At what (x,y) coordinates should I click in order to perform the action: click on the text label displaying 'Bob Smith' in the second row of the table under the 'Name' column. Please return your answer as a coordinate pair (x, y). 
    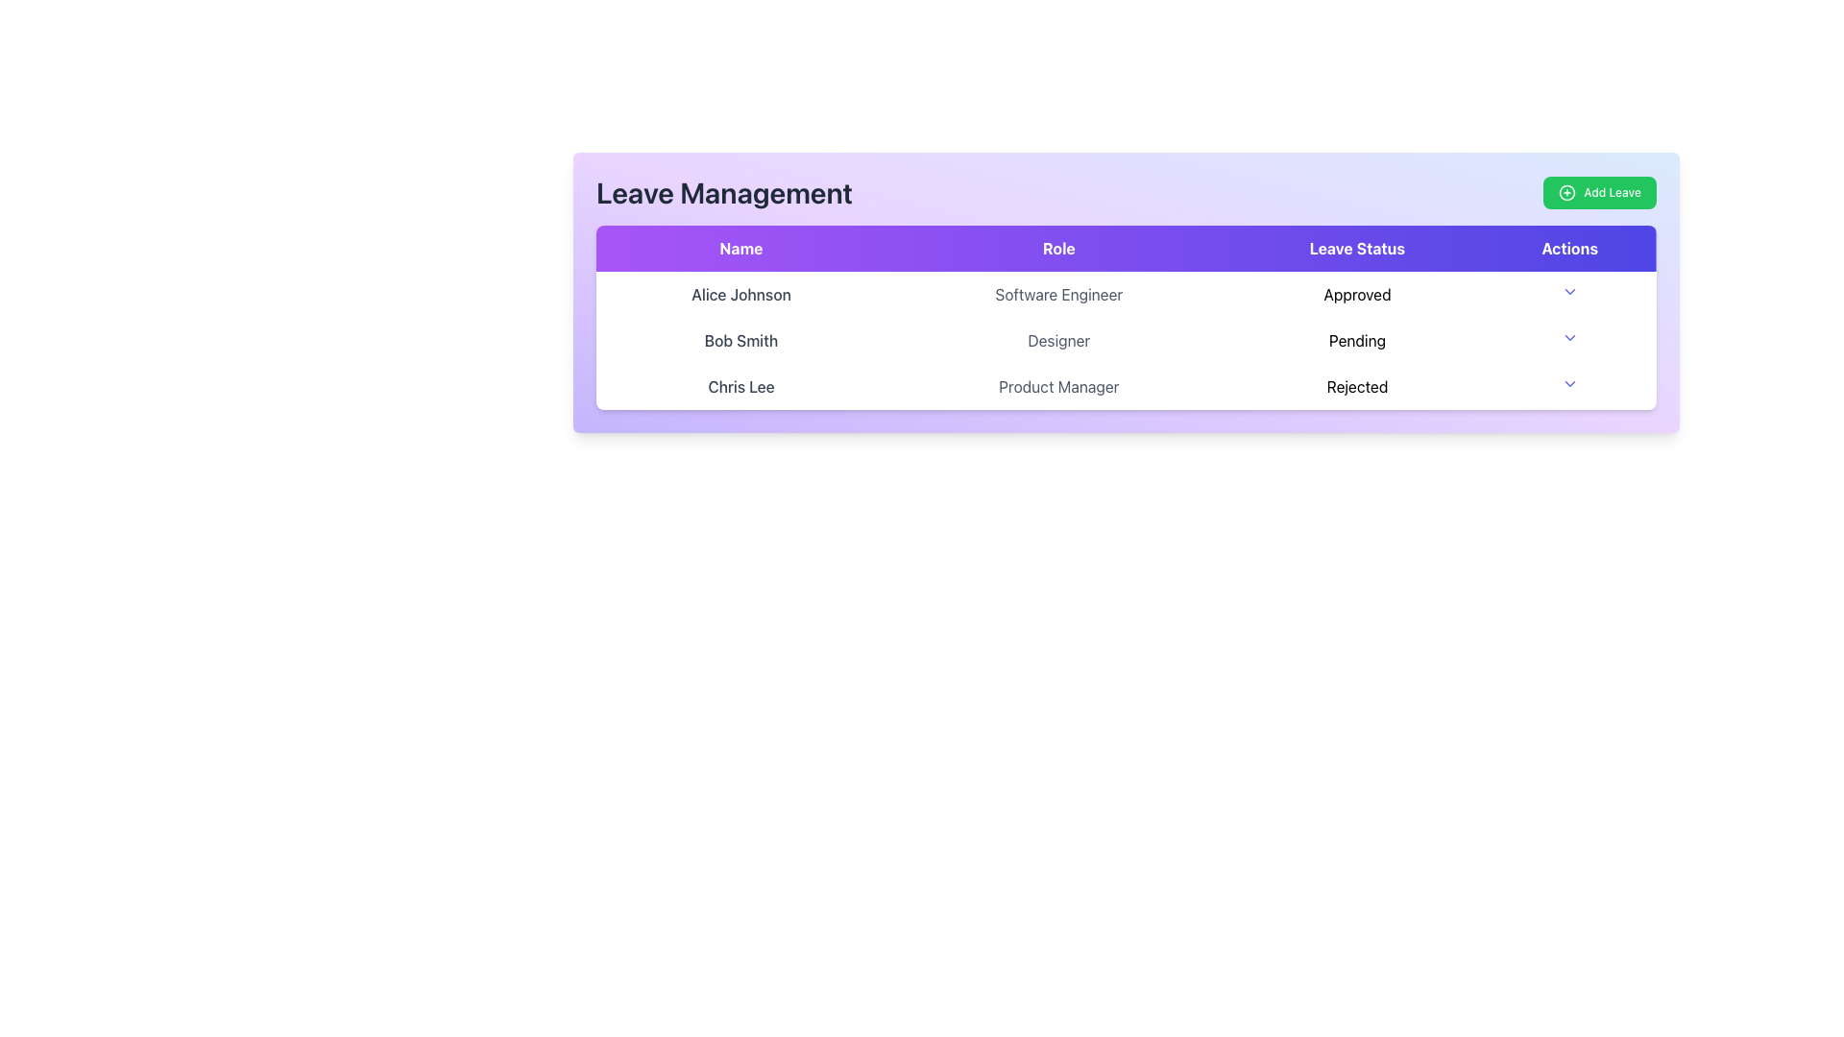
    Looking at the image, I should click on (740, 339).